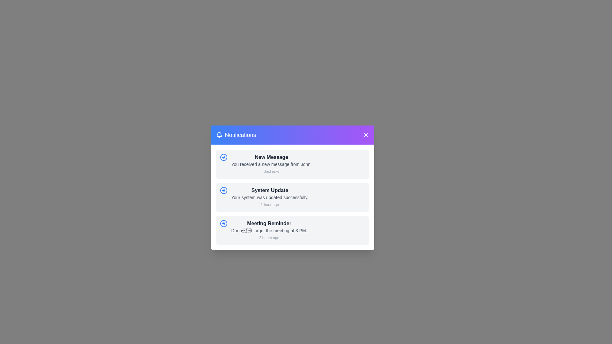 This screenshot has height=344, width=612. What do you see at coordinates (292, 231) in the screenshot?
I see `the Notification card that informs the user about an upcoming meeting scheduled for 3 PM, located as the third item in a vertical list of notifications` at bounding box center [292, 231].